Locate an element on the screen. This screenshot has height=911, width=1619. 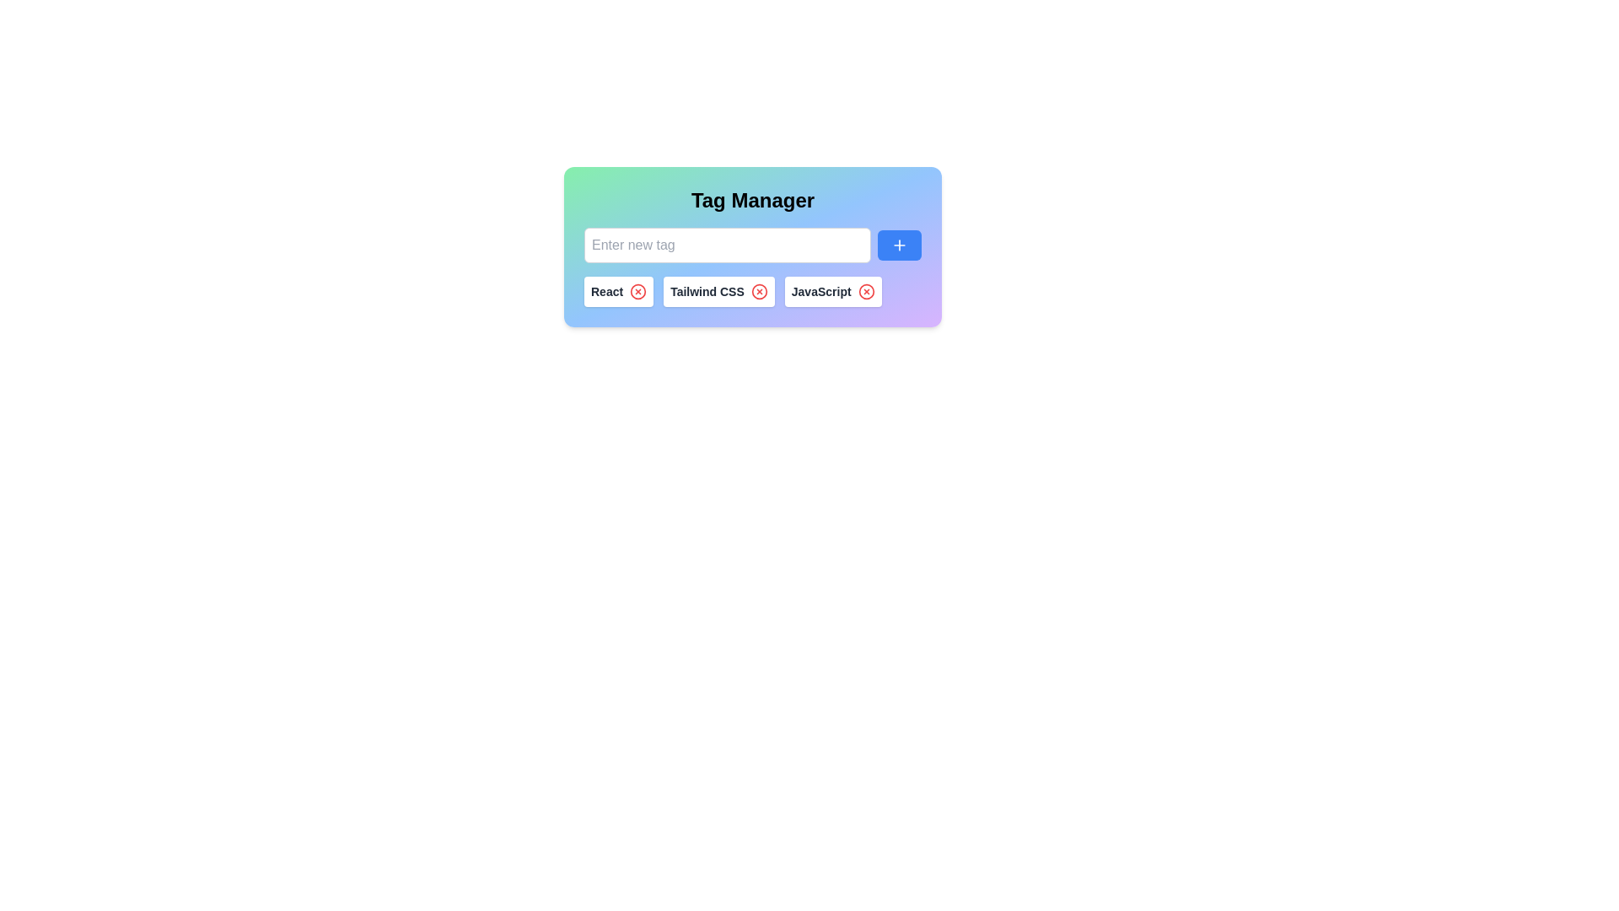
the remove icon next to the tag labeled JavaScript is located at coordinates (866, 291).